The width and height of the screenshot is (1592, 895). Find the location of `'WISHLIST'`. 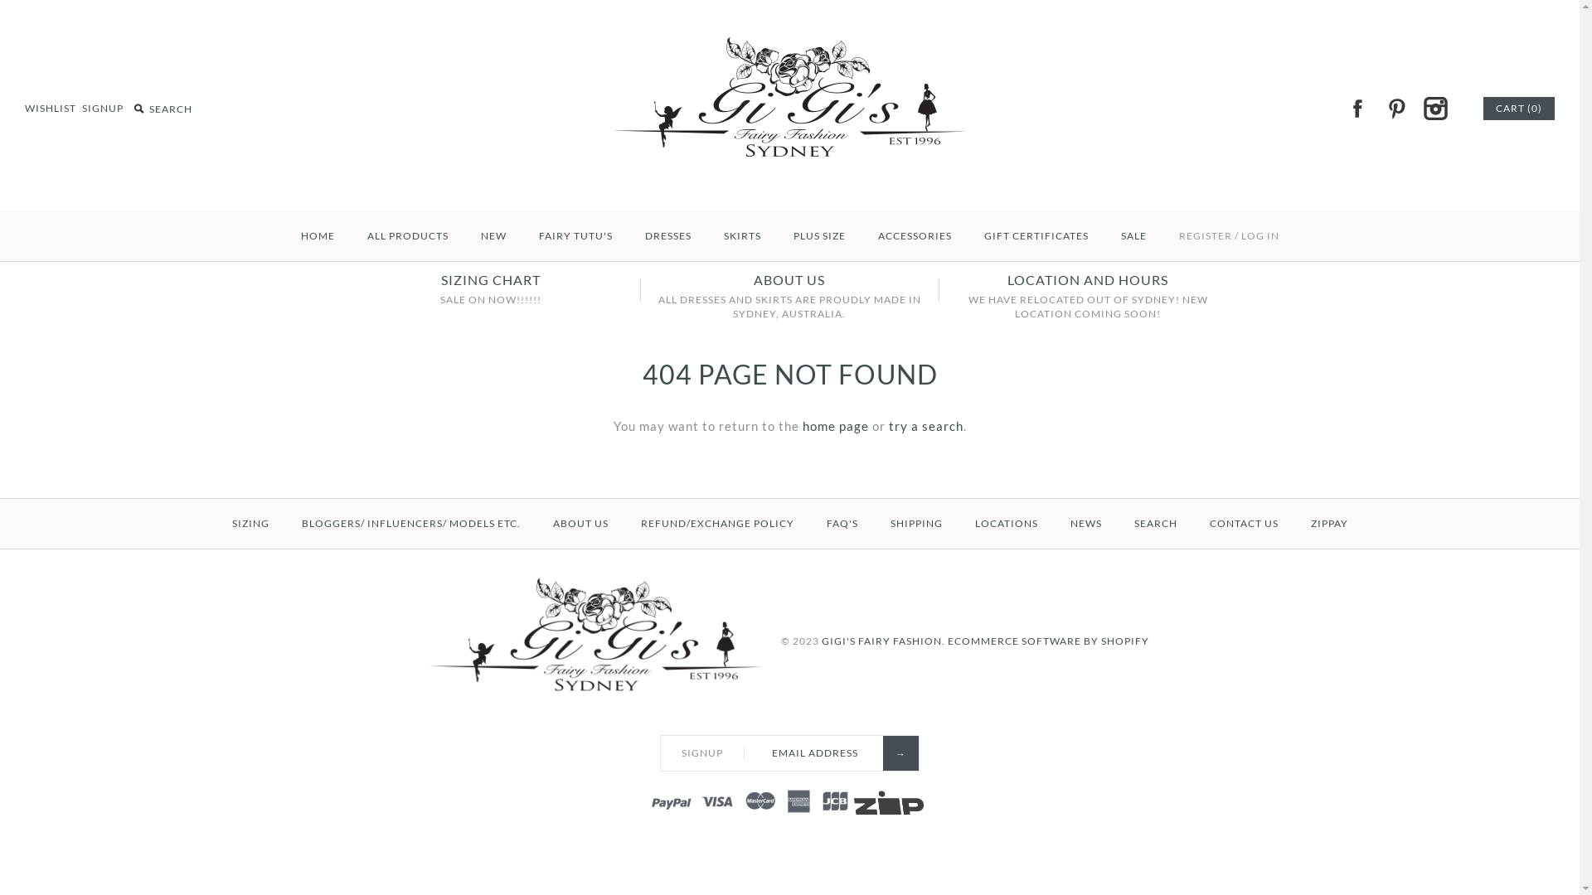

'WISHLIST' is located at coordinates (51, 108).